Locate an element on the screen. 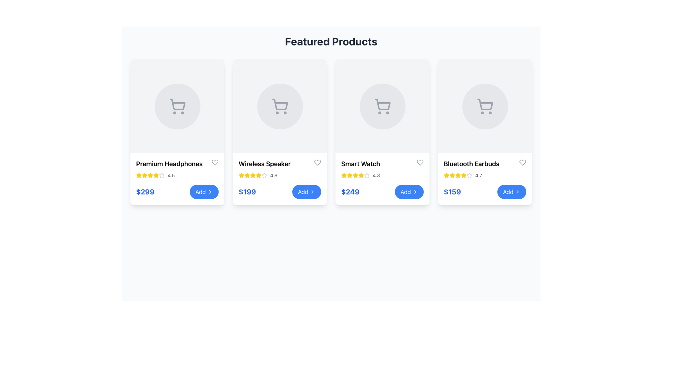 The width and height of the screenshot is (686, 386). the chevron icon located within the blue 'Add' button at the bottom center of the product card to initiate the associated action is located at coordinates (210, 191).